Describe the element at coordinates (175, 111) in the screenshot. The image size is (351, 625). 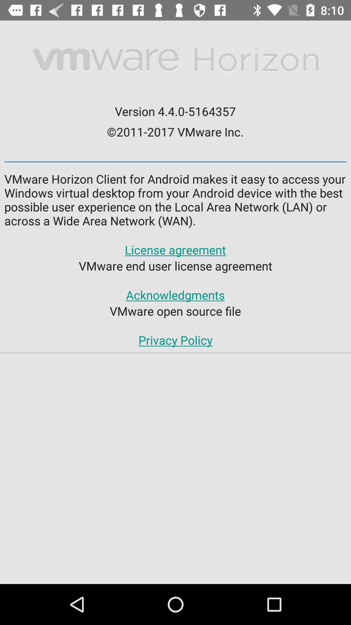
I see `app above 2011 2017 vmware icon` at that location.